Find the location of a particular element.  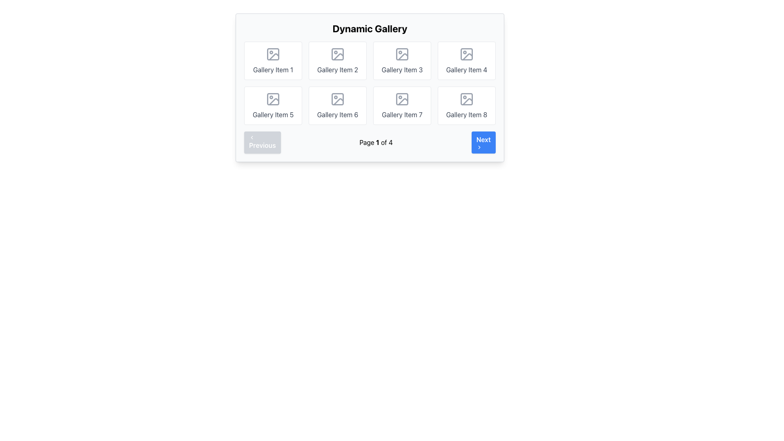

the static image icon located at the top-center of the card labeled 'Gallery Item 3', which is the third item in a 2x4 grid layout is located at coordinates (402, 54).